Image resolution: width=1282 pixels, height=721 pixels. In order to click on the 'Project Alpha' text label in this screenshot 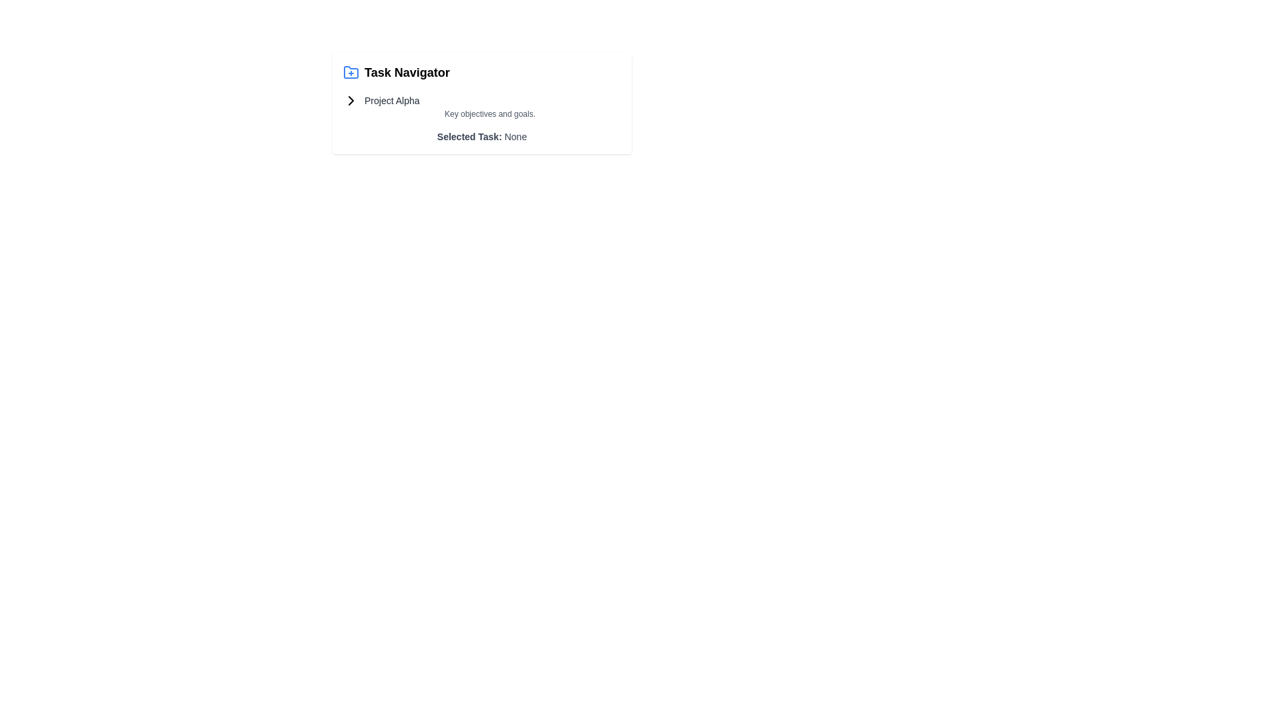, I will do `click(391, 99)`.